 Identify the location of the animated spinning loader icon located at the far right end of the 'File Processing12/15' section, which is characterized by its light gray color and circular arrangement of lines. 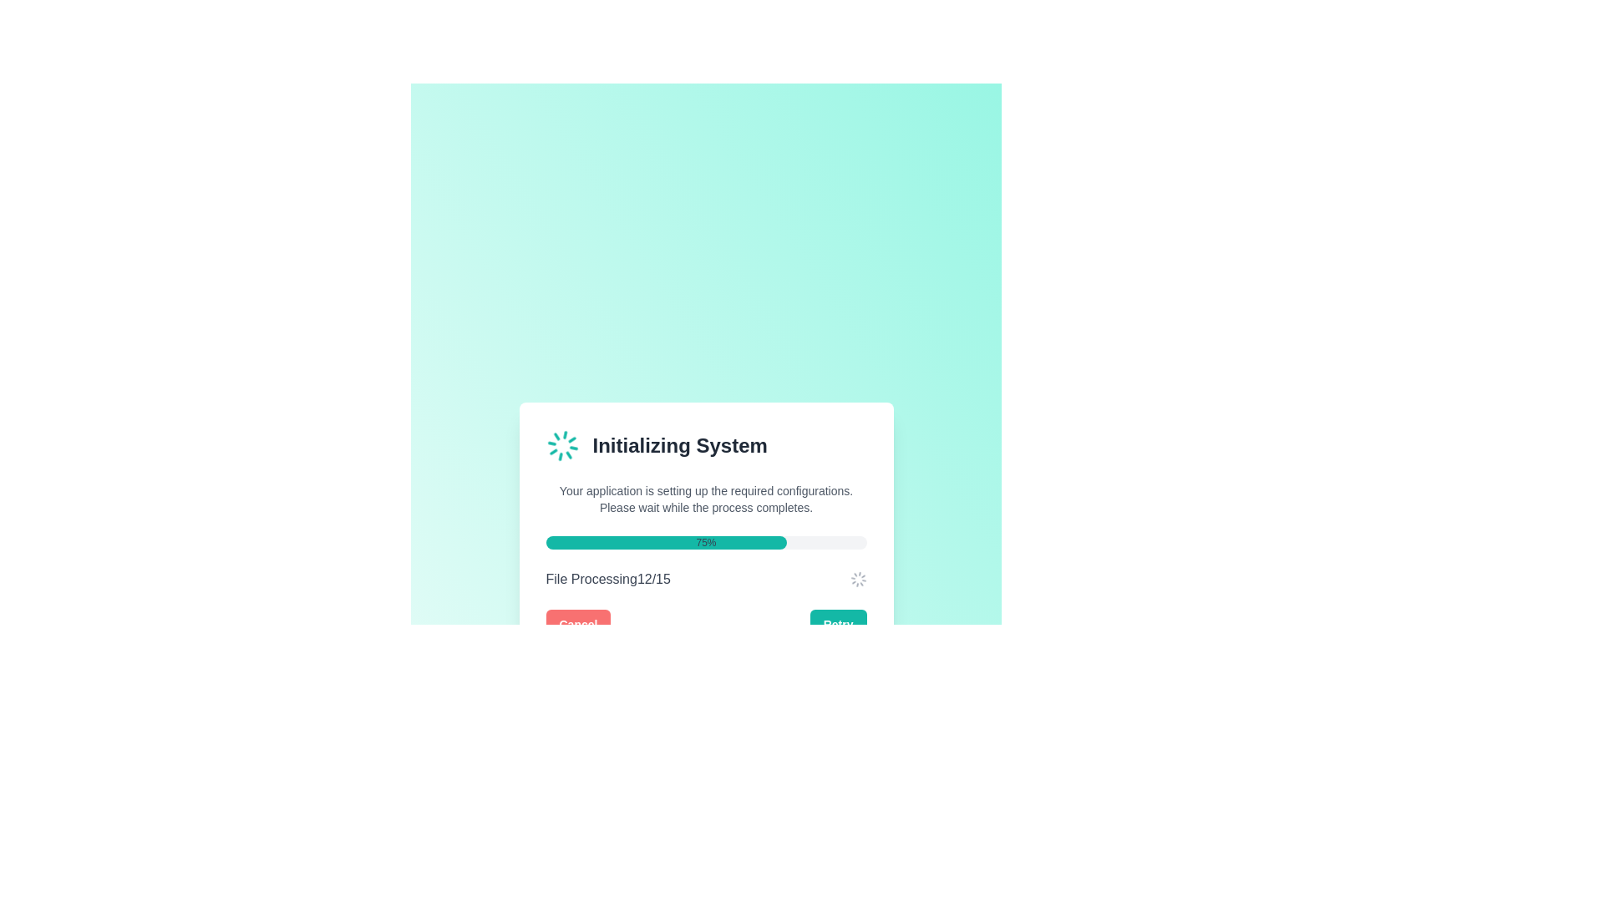
(858, 579).